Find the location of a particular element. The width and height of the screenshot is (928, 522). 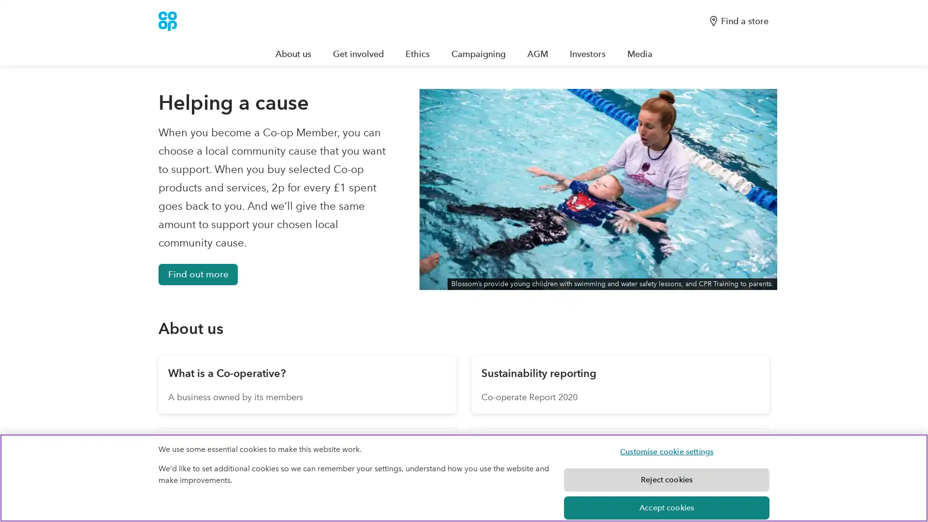

Accept cookies is located at coordinates (666, 507).